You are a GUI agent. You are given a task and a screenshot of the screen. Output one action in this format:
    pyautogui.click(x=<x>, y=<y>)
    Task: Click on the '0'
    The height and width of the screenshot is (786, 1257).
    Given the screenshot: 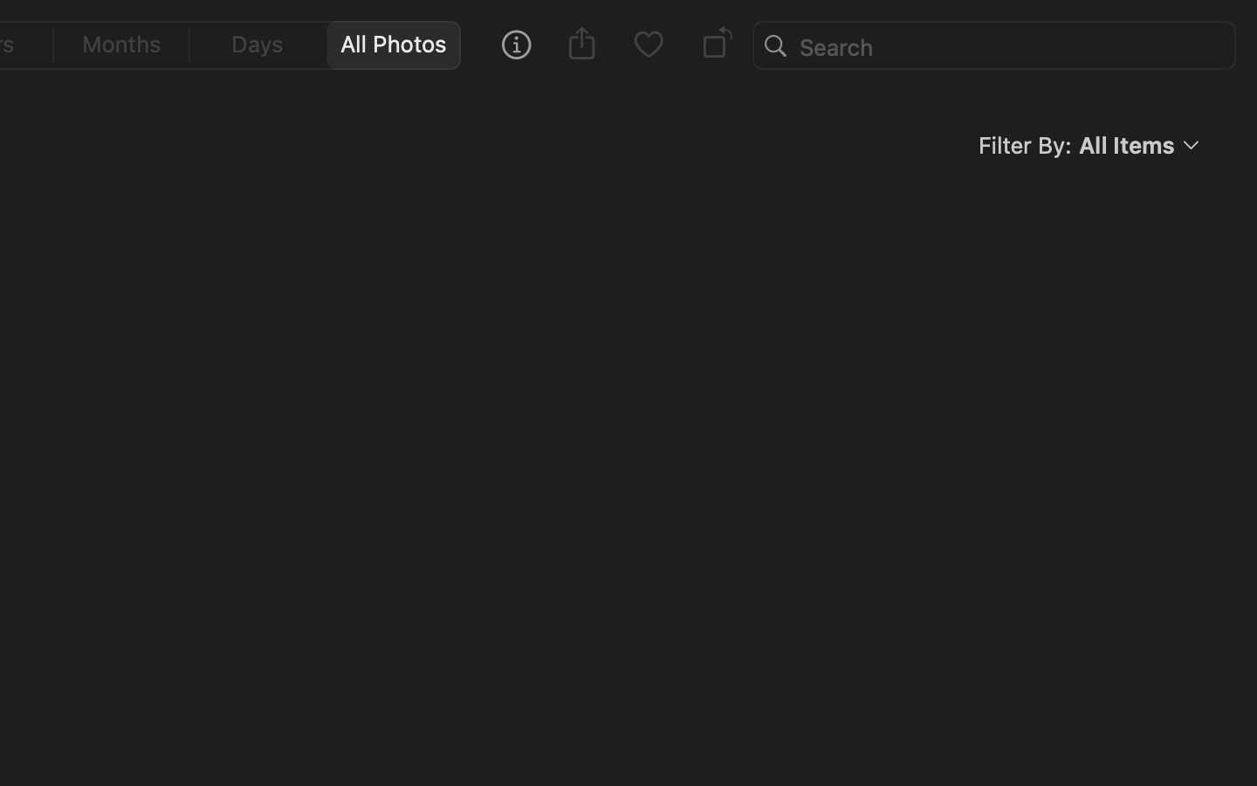 What is the action you would take?
    pyautogui.click(x=120, y=45)
    